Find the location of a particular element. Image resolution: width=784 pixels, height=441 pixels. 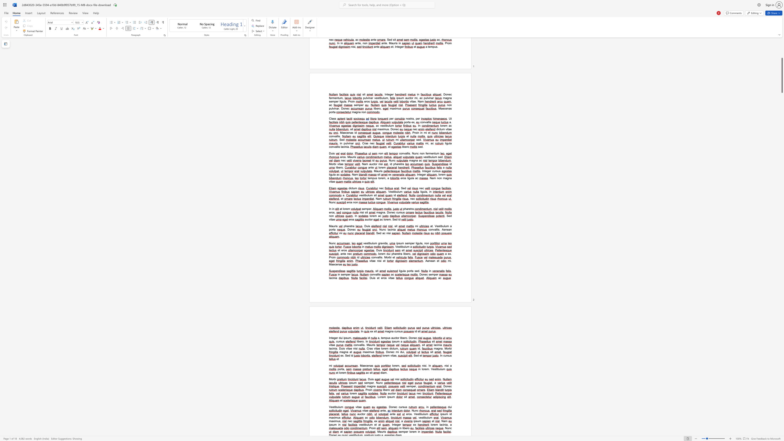

the 2th character "s" in the text is located at coordinates (451, 355).